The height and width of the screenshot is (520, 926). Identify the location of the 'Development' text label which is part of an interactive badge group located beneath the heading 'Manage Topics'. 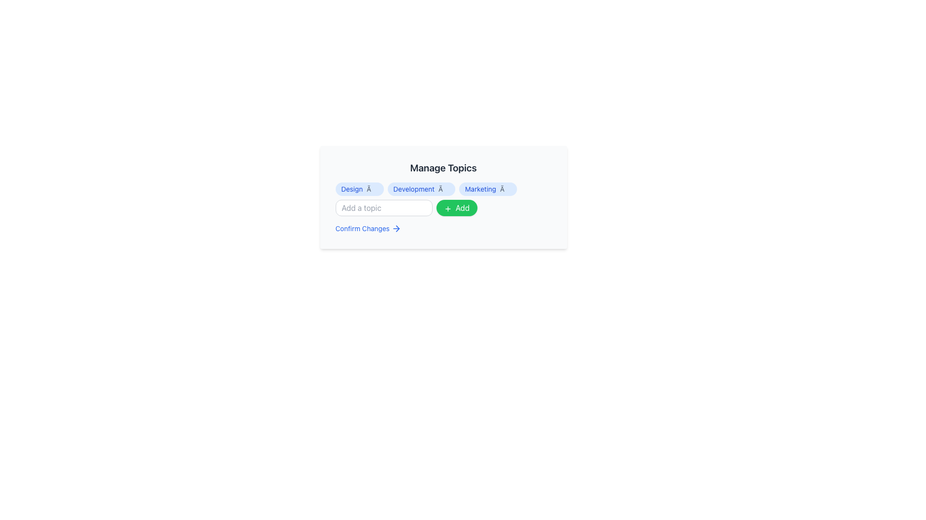
(414, 189).